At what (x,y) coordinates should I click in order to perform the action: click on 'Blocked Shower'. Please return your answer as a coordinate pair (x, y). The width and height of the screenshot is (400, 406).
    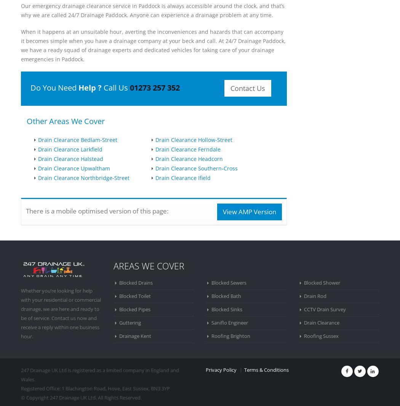
    Looking at the image, I should click on (322, 282).